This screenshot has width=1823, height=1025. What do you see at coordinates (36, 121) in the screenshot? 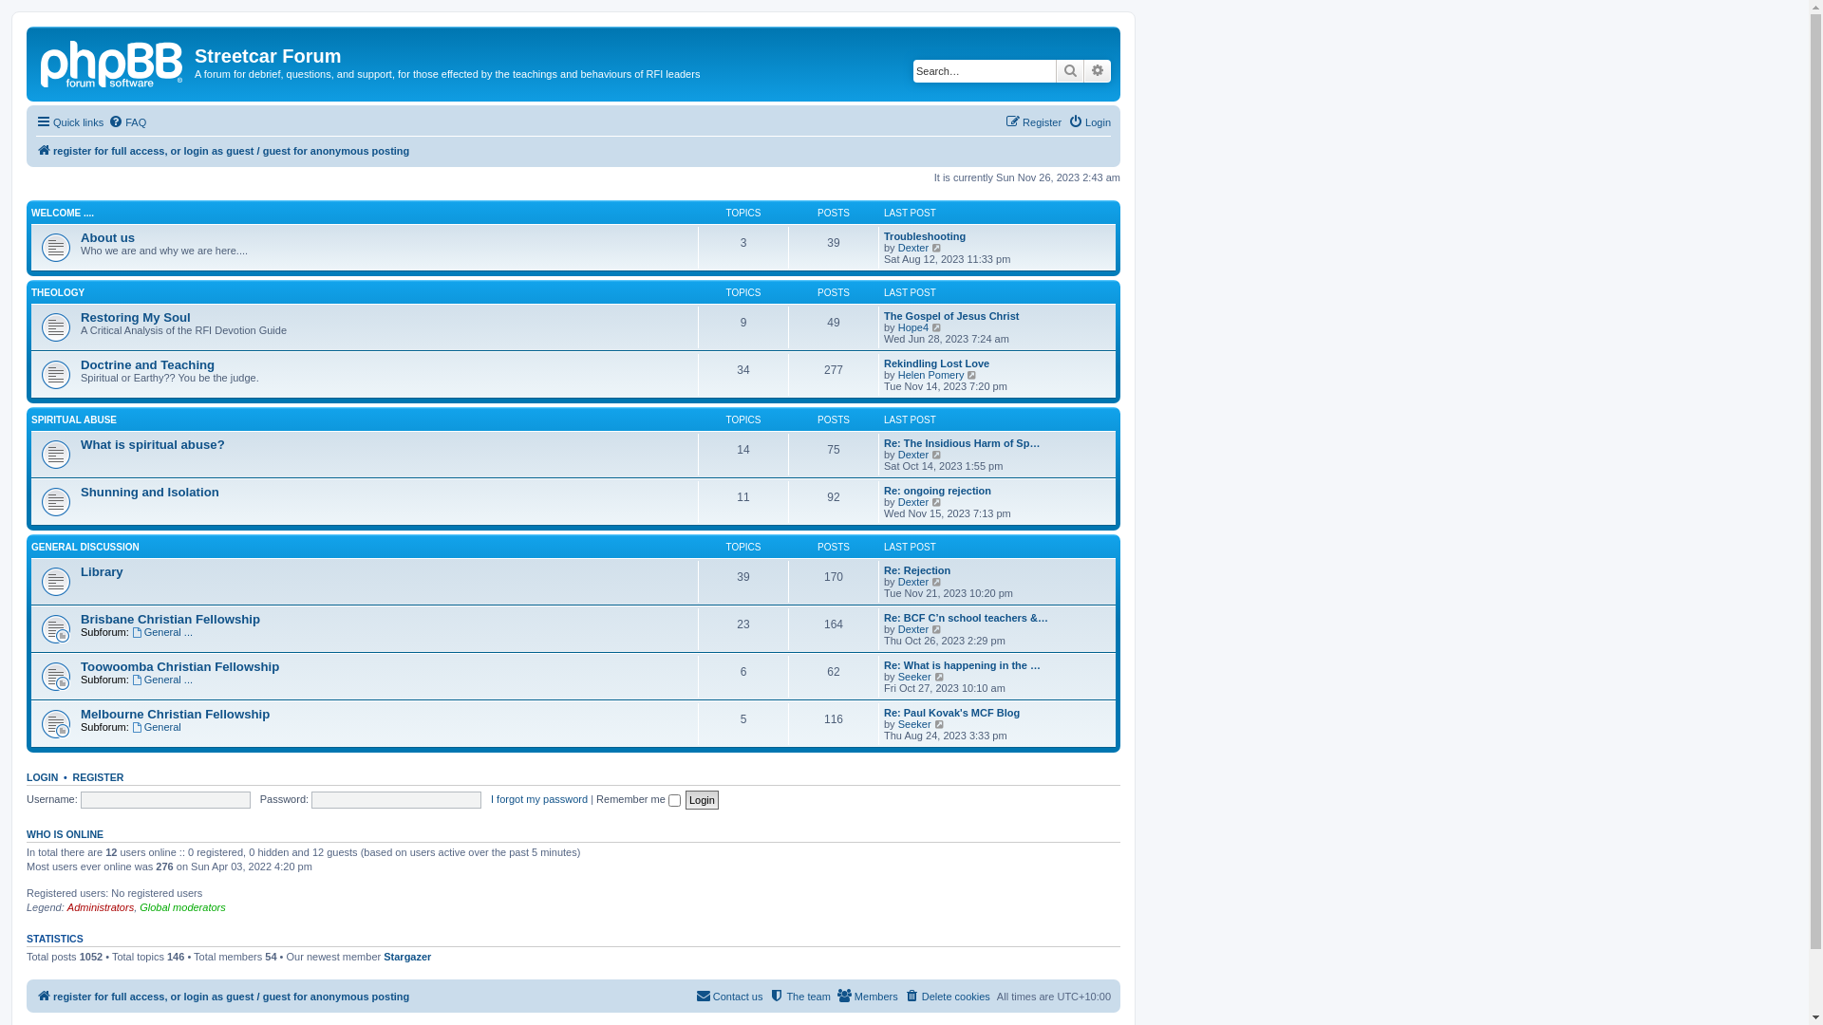
I see `'Quick links'` at bounding box center [36, 121].